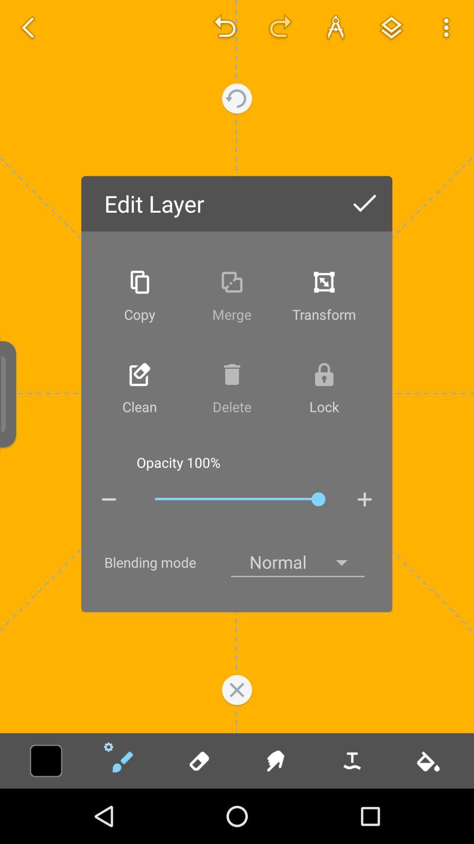  I want to click on the undo icon, so click(225, 27).